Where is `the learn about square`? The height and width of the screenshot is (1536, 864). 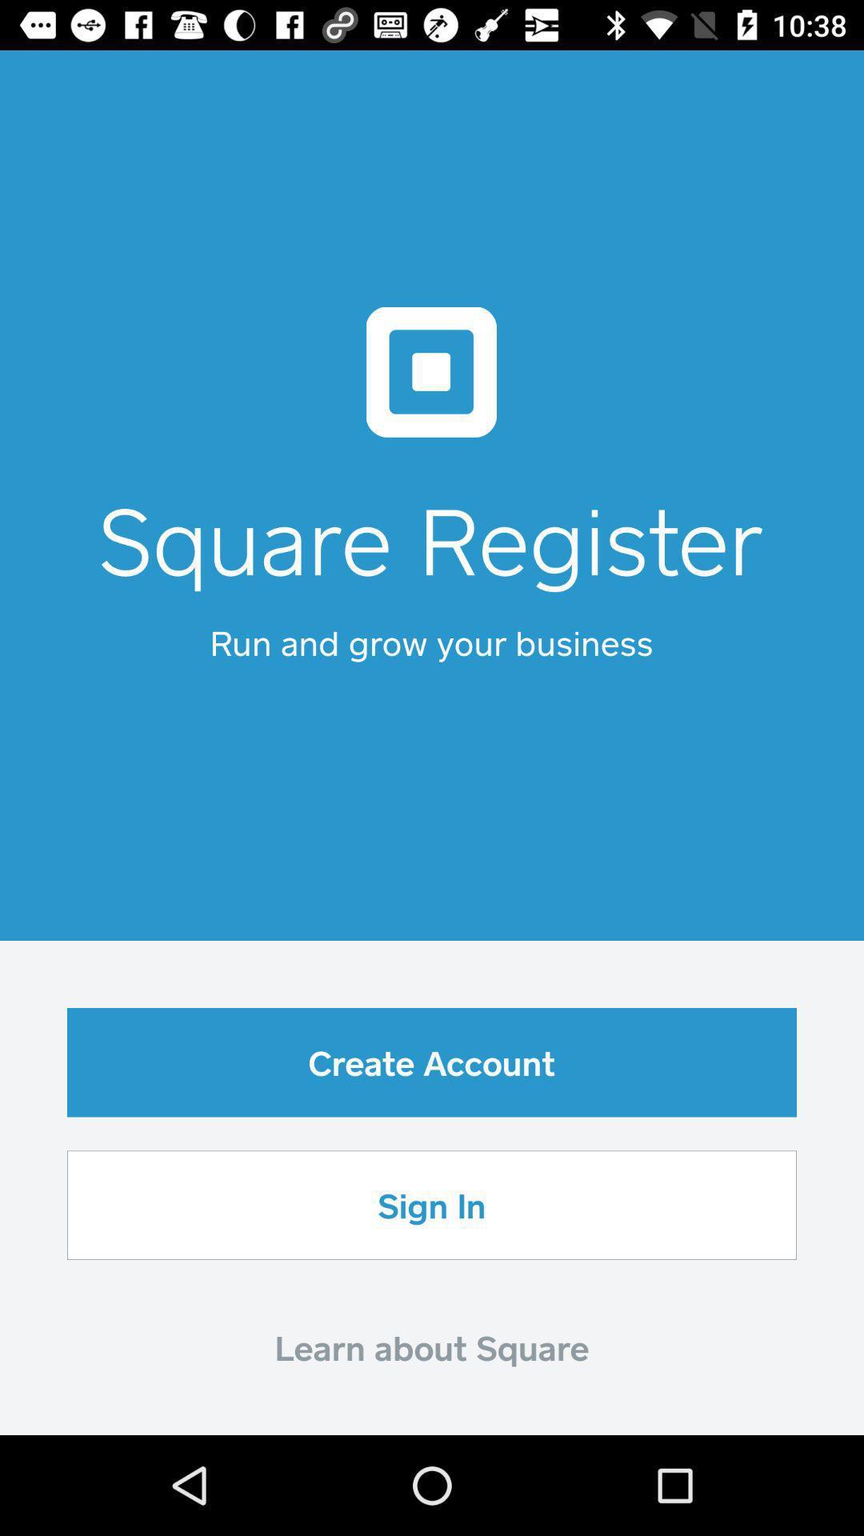
the learn about square is located at coordinates (432, 1346).